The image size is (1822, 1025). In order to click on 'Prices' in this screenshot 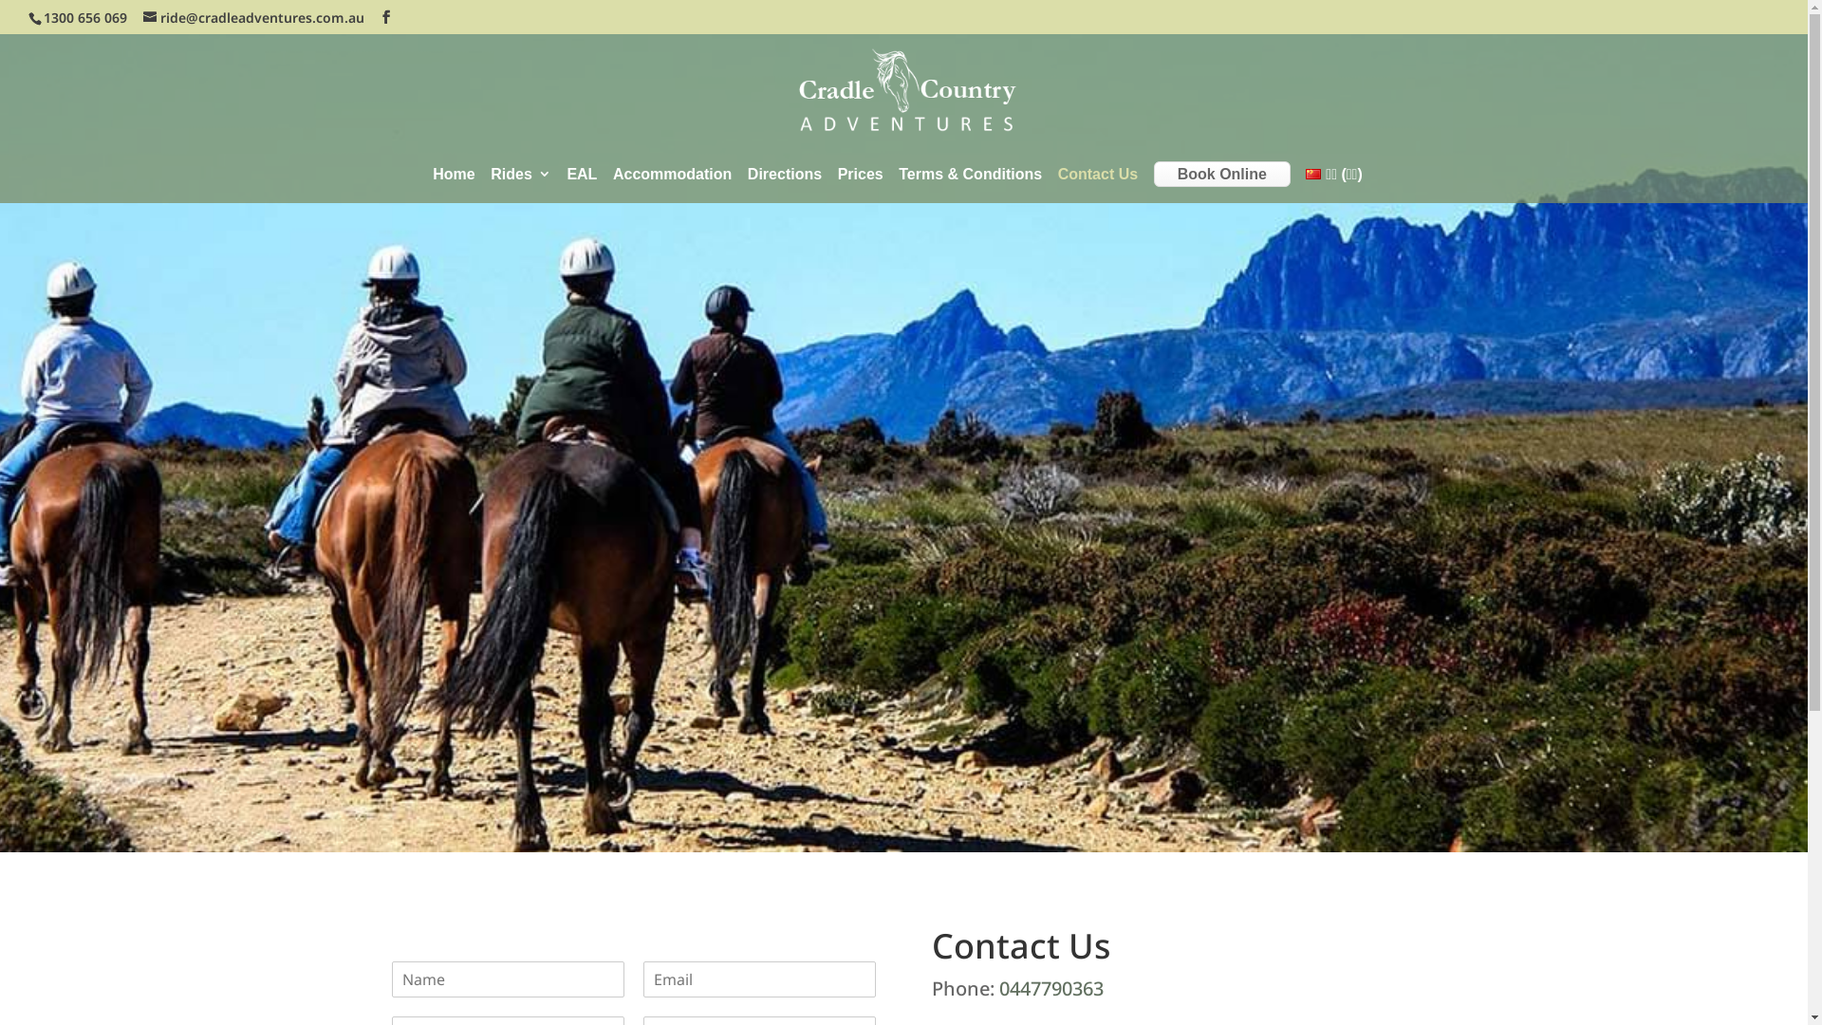, I will do `click(860, 185)`.